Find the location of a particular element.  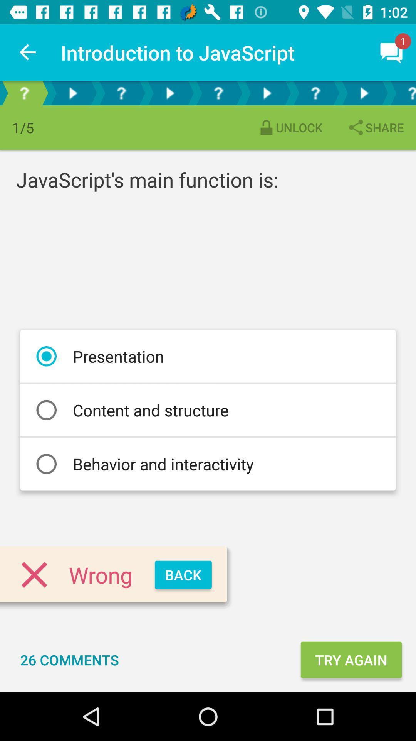

share icon is located at coordinates (375, 127).